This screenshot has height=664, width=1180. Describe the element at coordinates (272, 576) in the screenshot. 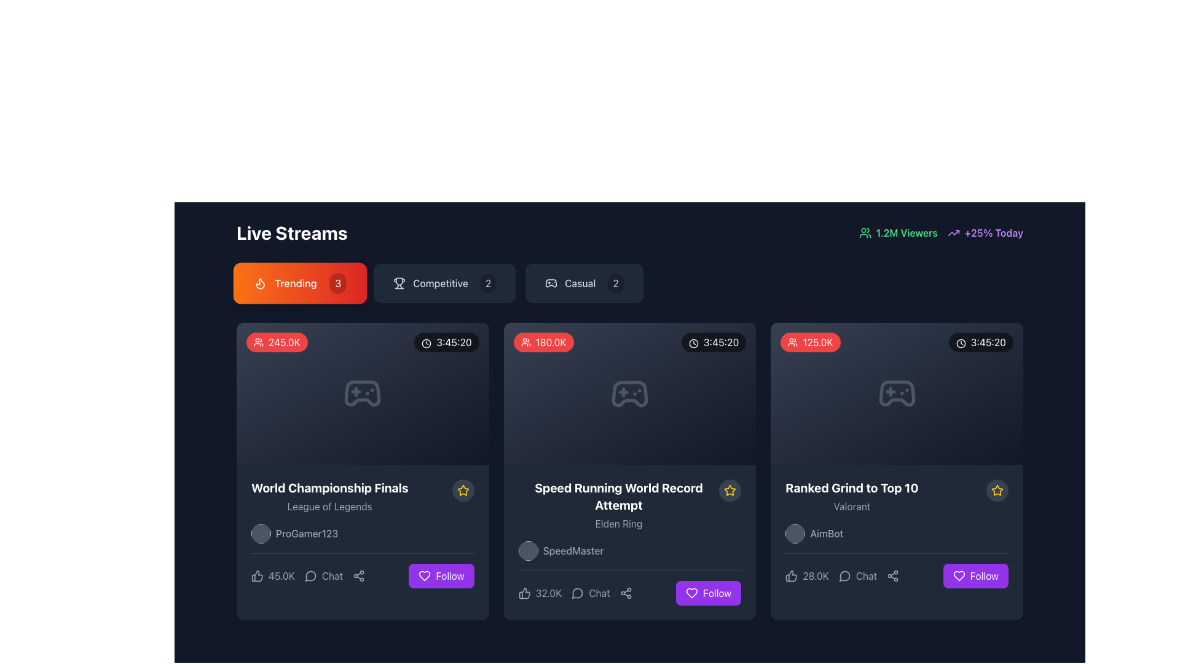

I see `the like button featuring a thumbs-up icon and the text '45.0K' located in the footer section of a card to like the content` at that location.